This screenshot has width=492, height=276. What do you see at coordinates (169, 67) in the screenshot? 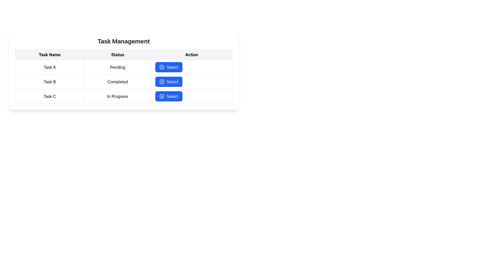
I see `the button in the 'Action' column of the 'Task Management' table in the first row for the task with status 'Pending'` at bounding box center [169, 67].